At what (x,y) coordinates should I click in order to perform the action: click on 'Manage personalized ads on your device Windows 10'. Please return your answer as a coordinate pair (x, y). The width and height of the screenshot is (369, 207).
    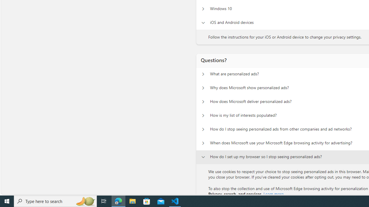
    Looking at the image, I should click on (203, 9).